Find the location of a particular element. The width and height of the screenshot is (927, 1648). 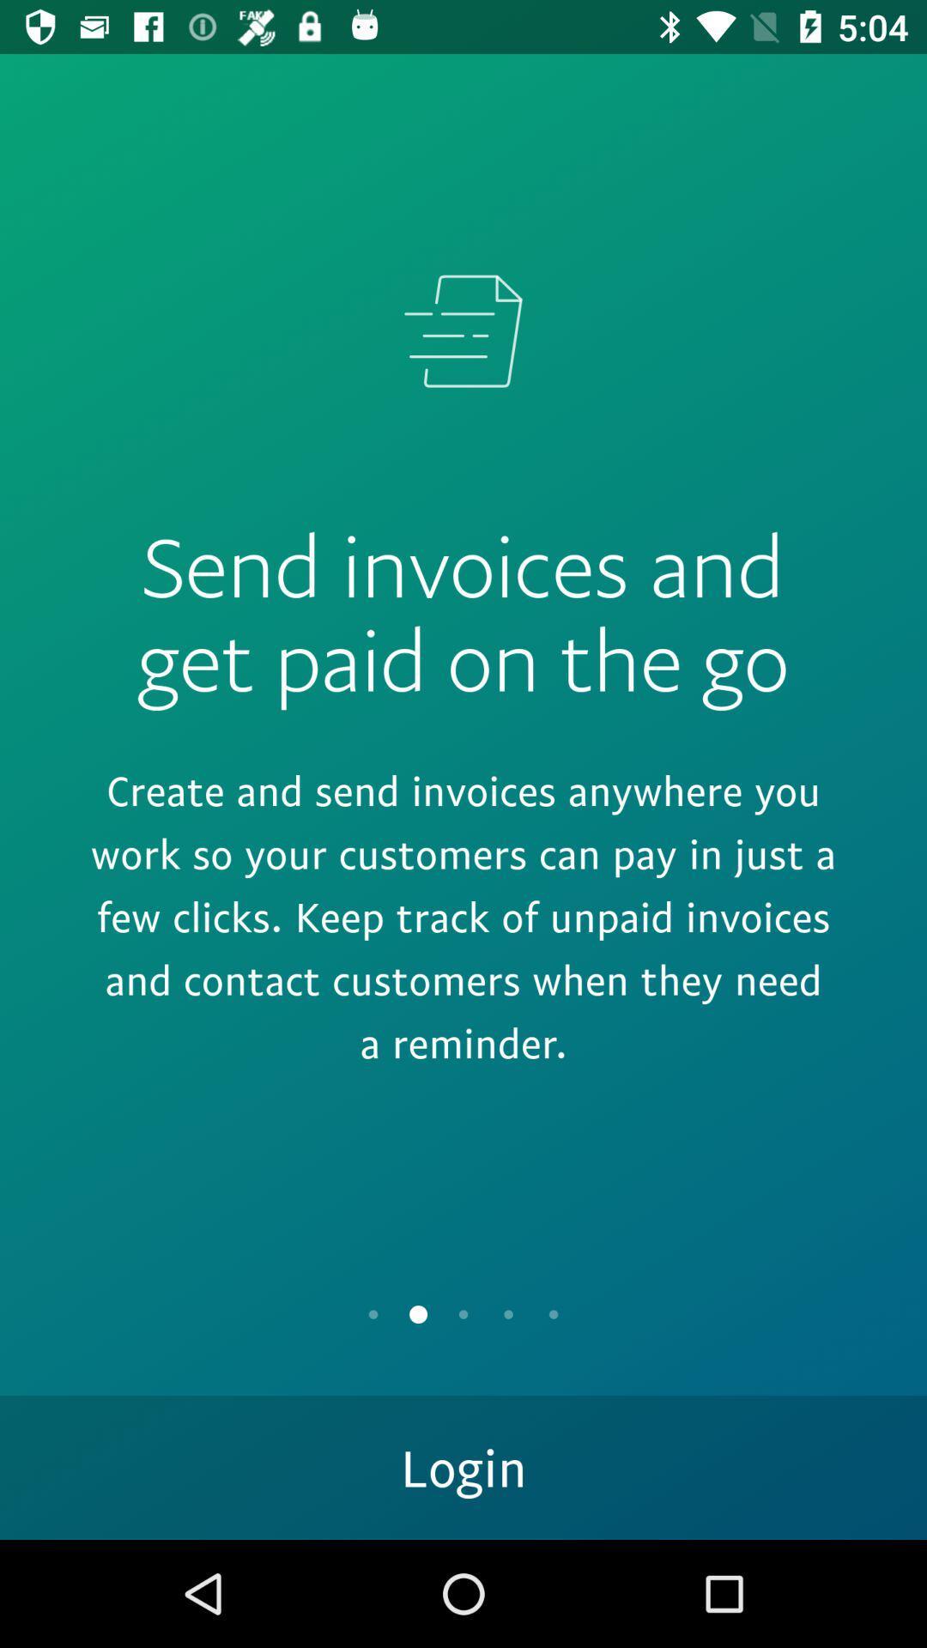

login icon is located at coordinates (463, 1466).